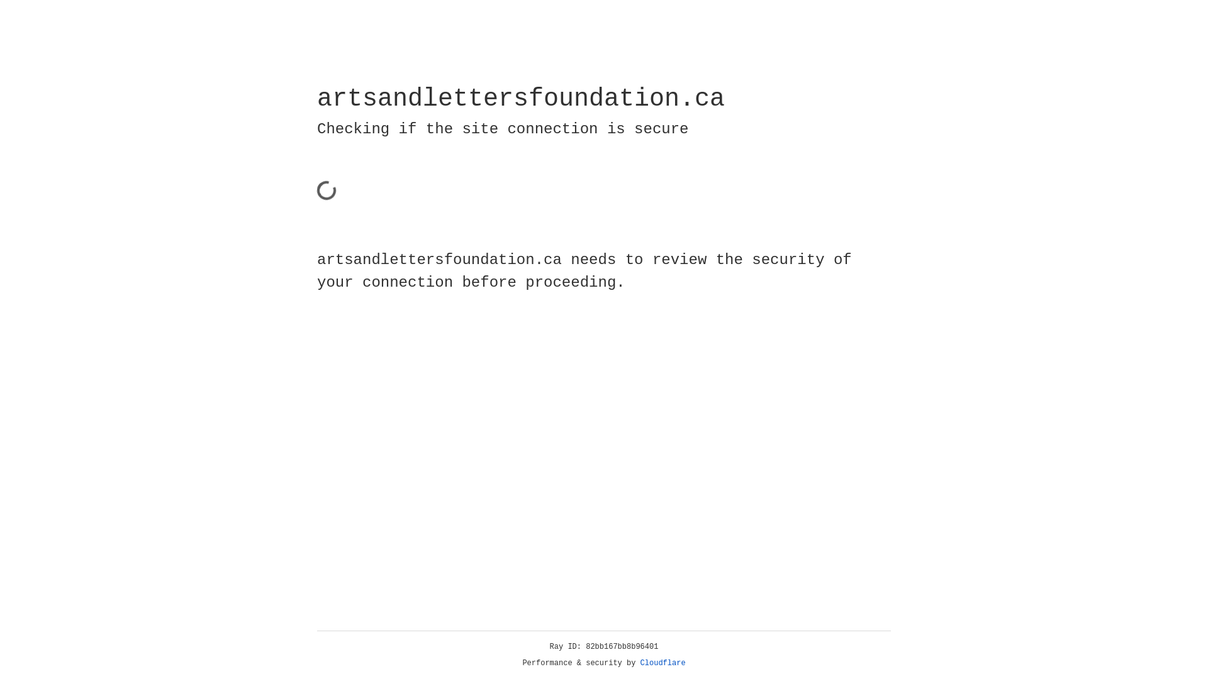 The width and height of the screenshot is (1208, 679). What do you see at coordinates (640, 663) in the screenshot?
I see `'Cloudflare'` at bounding box center [640, 663].